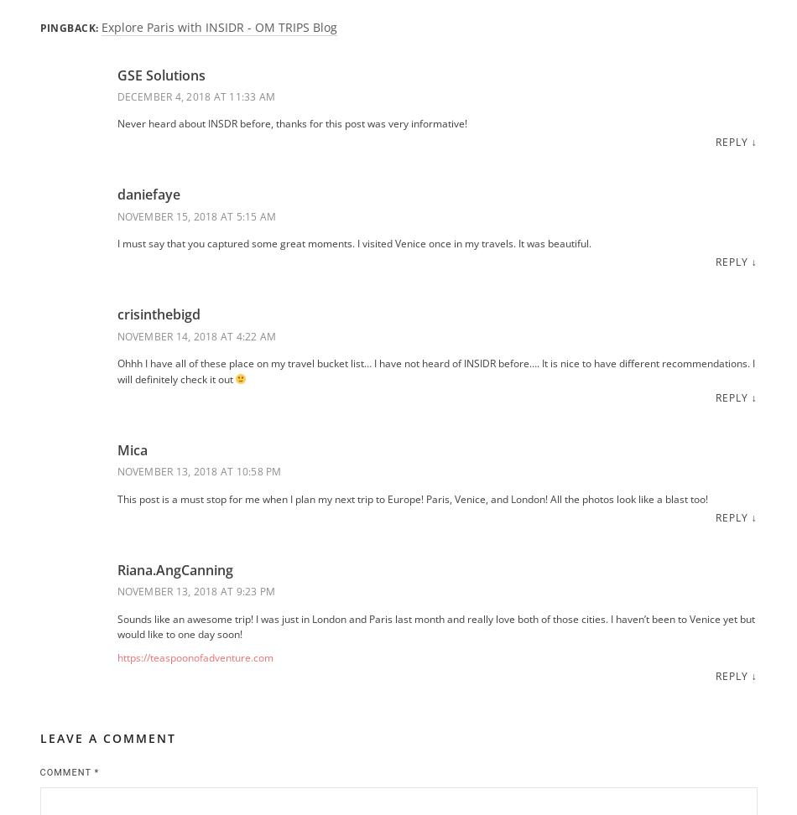 Image resolution: width=797 pixels, height=815 pixels. What do you see at coordinates (199, 470) in the screenshot?
I see `'November 13, 2018									at									10:58 pm'` at bounding box center [199, 470].